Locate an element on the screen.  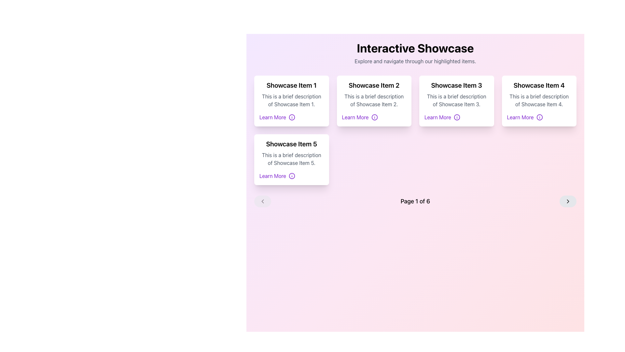
the text label displaying 'Showcase Item 3', which is the title within the third card layout from the left is located at coordinates (456, 85).